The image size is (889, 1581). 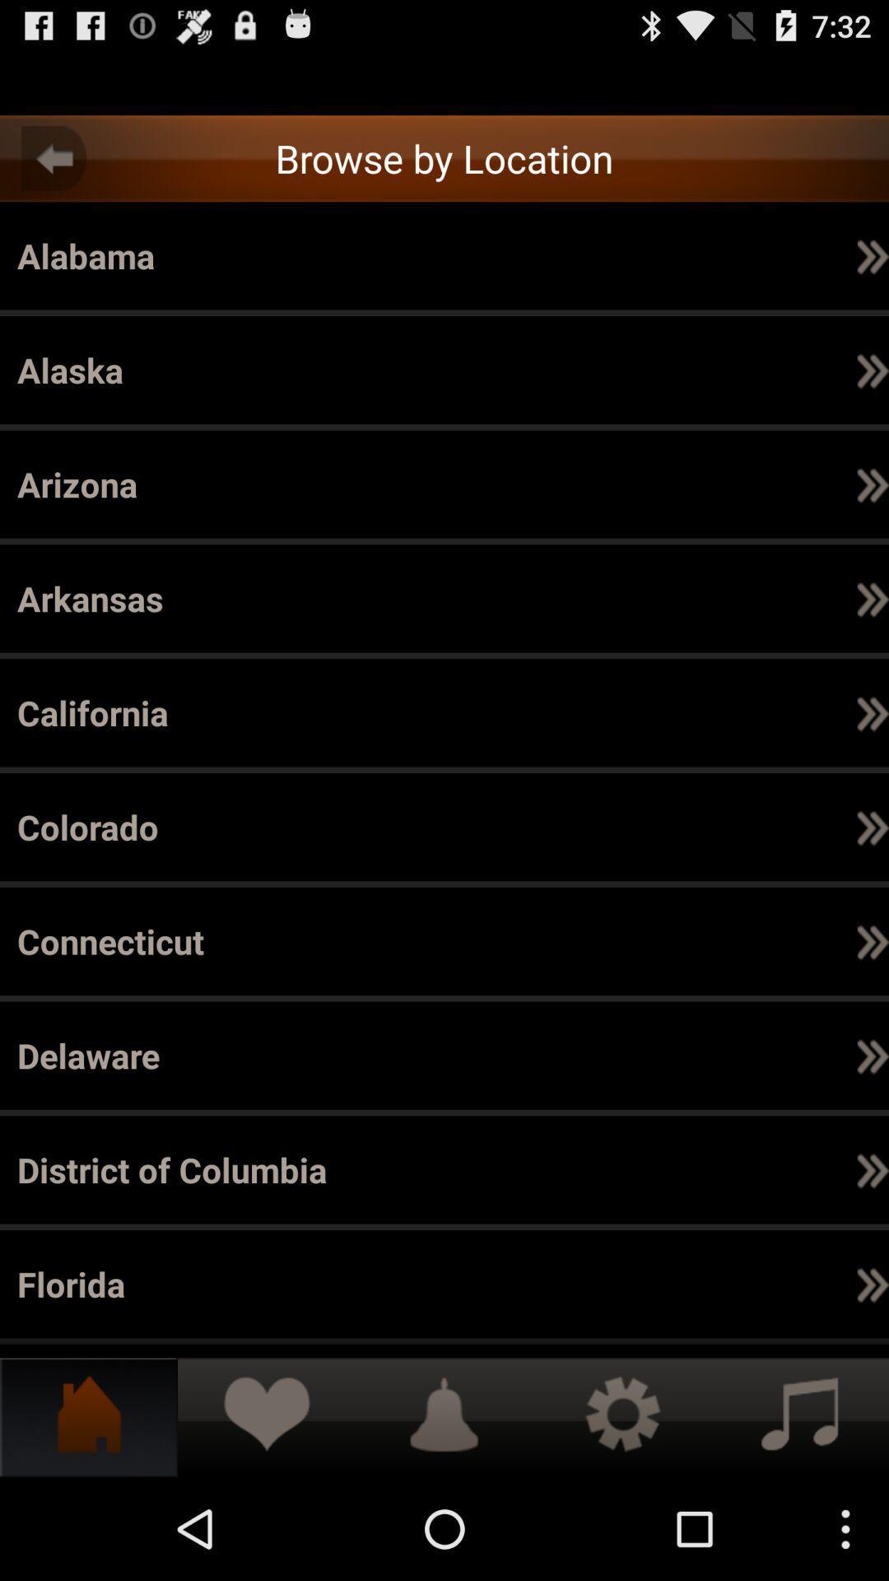 I want to click on the app next to the   alpine icon, so click(x=872, y=369).